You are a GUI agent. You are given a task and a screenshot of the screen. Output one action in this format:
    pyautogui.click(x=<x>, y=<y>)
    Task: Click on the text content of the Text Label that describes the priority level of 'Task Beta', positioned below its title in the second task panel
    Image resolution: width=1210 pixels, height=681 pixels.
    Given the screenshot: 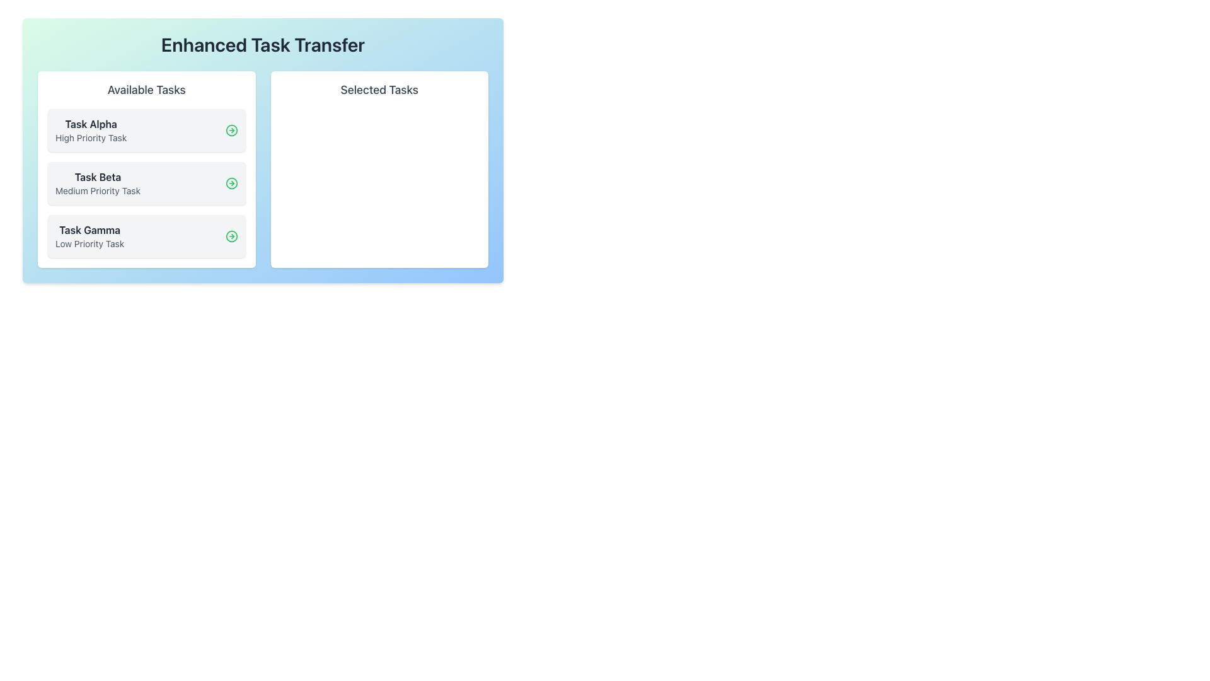 What is the action you would take?
    pyautogui.click(x=97, y=191)
    